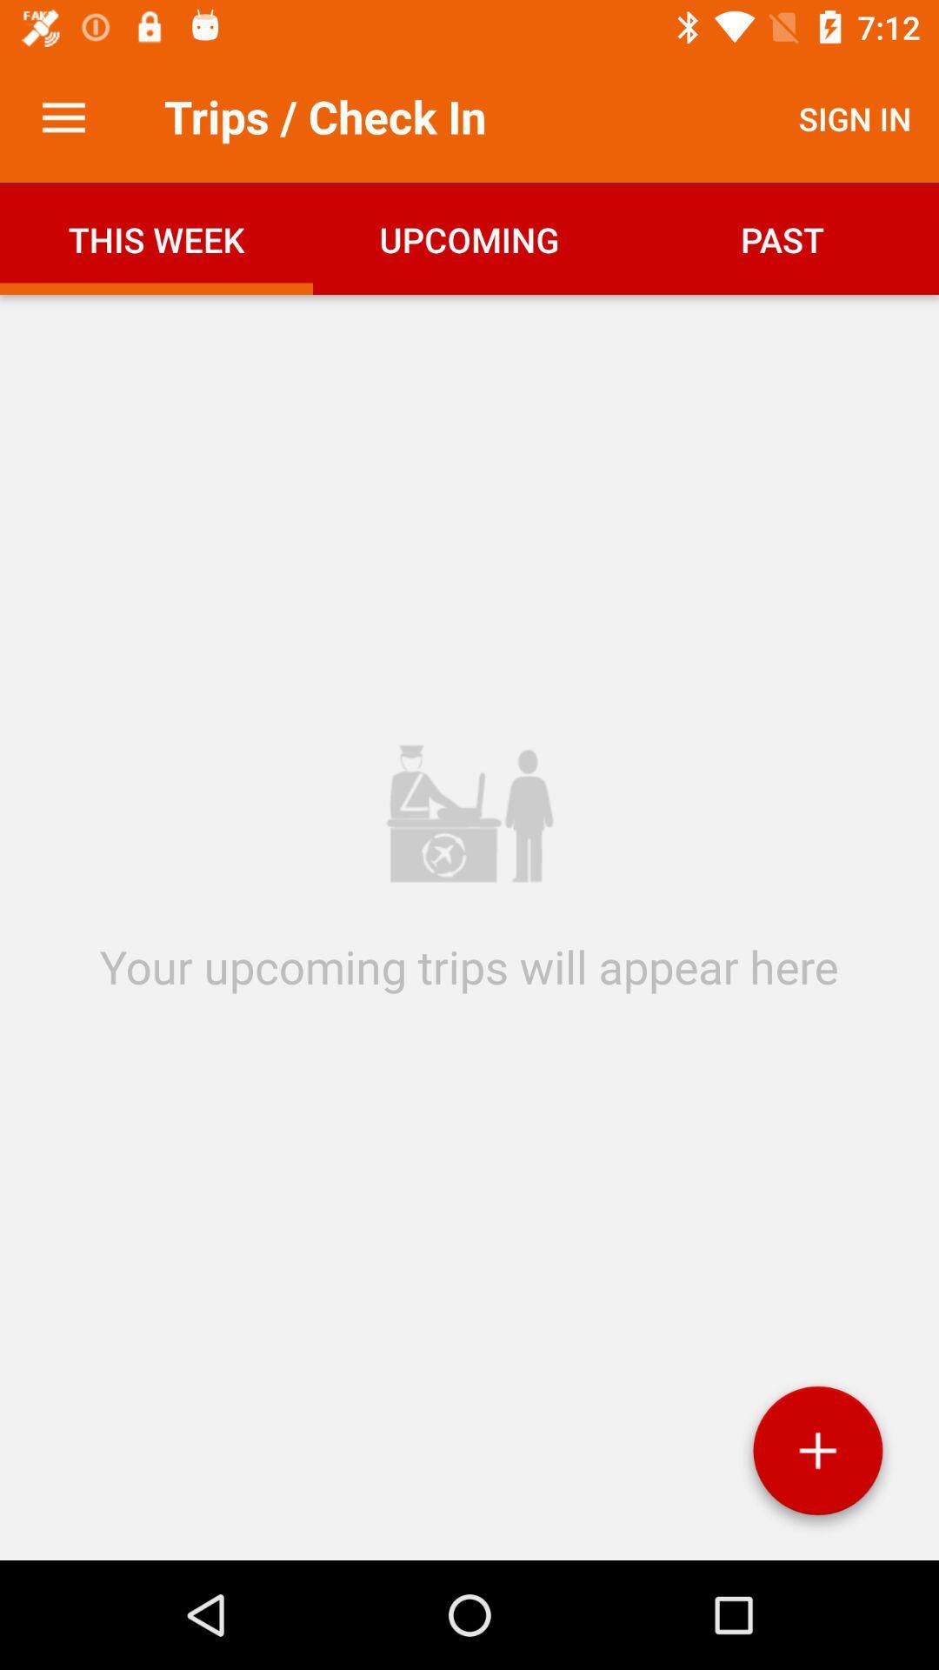 The height and width of the screenshot is (1670, 939). What do you see at coordinates (817, 1457) in the screenshot?
I see `the add icon` at bounding box center [817, 1457].